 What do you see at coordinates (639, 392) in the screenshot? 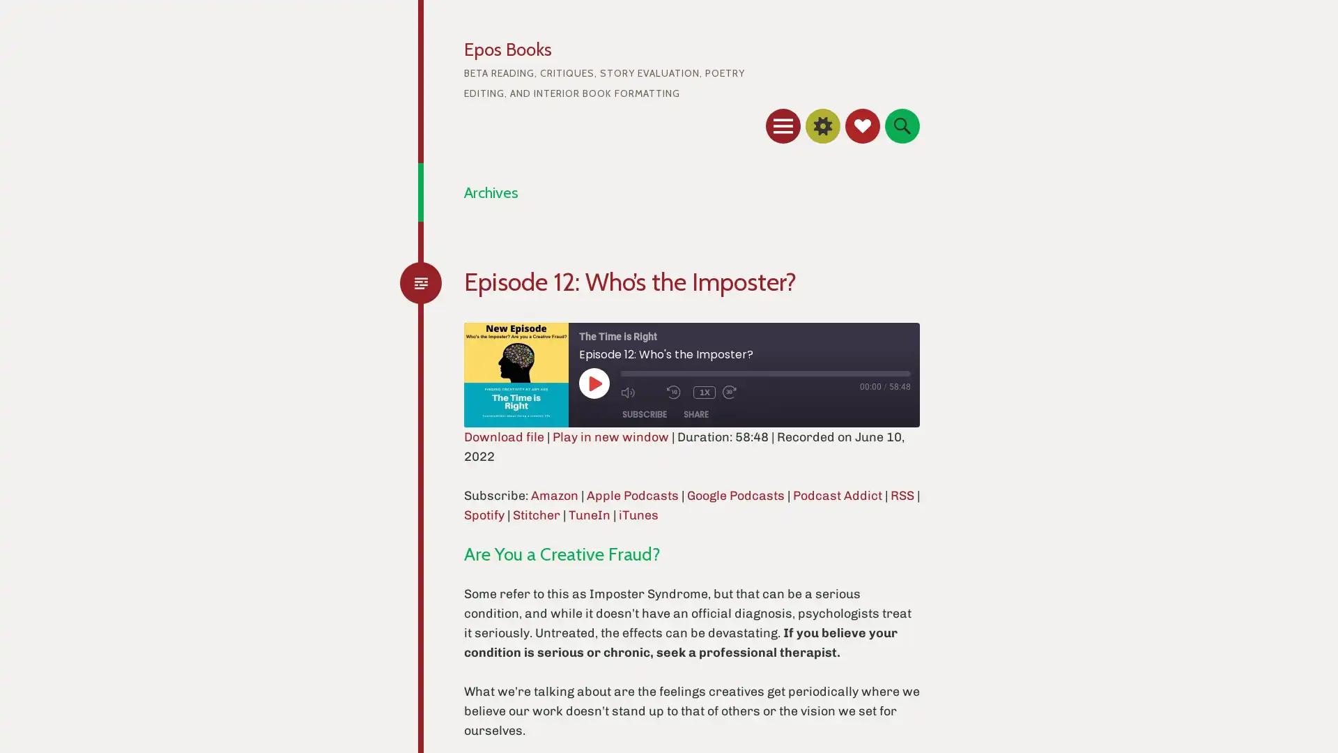
I see `MUTE/UNMUTE EPISODE` at bounding box center [639, 392].